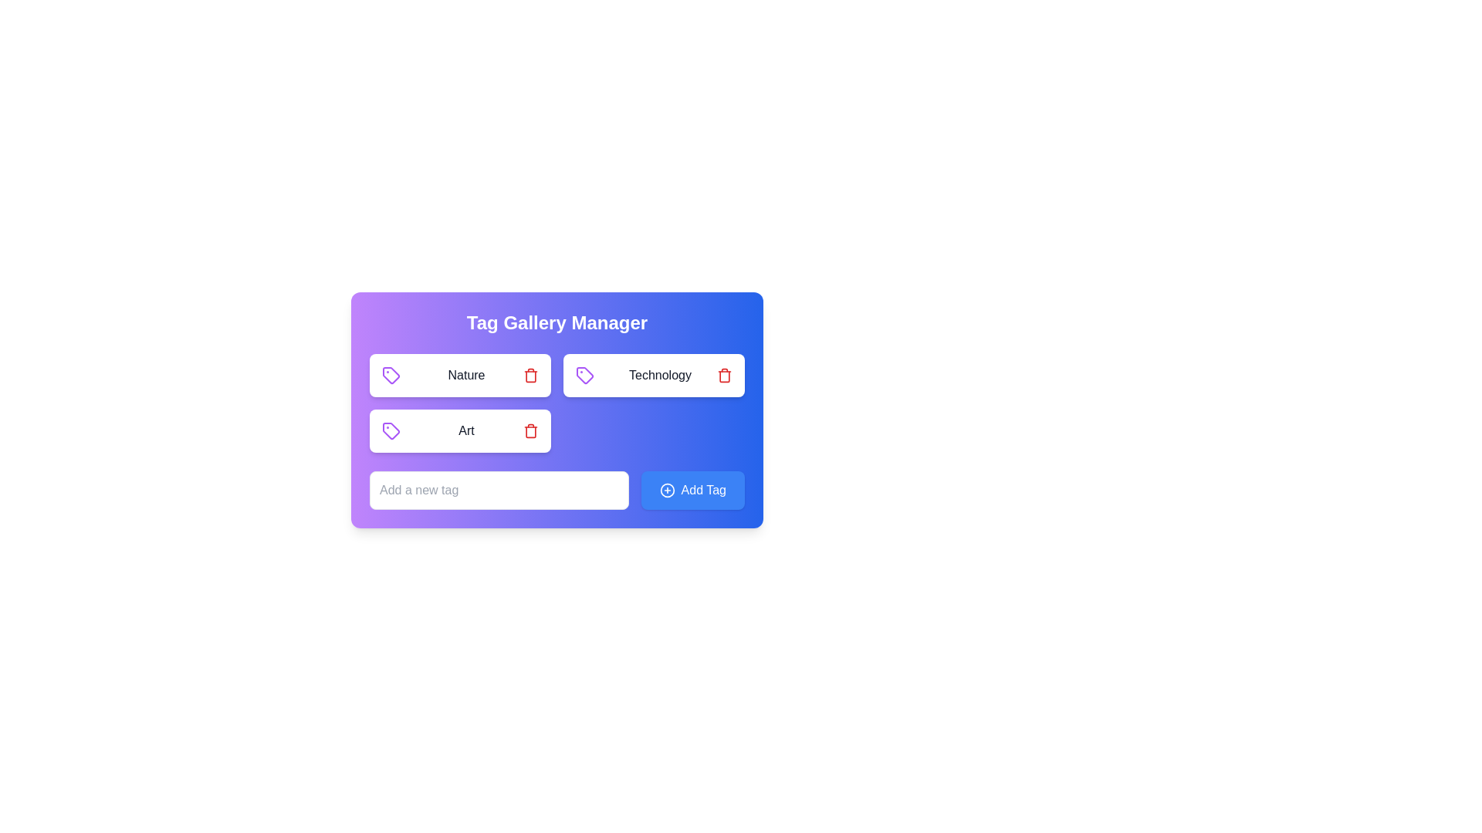 This screenshot has width=1482, height=833. Describe the element at coordinates (667, 491) in the screenshot. I see `the icon representing the ability` at that location.